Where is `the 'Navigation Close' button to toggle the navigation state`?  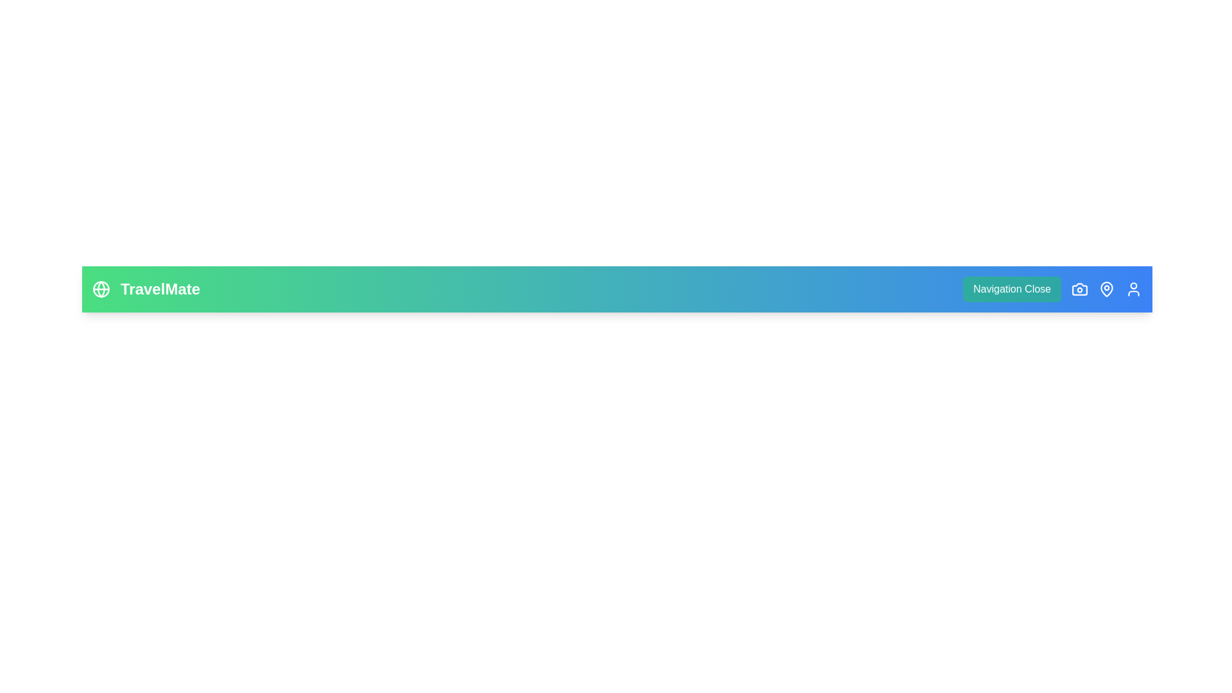
the 'Navigation Close' button to toggle the navigation state is located at coordinates (1011, 289).